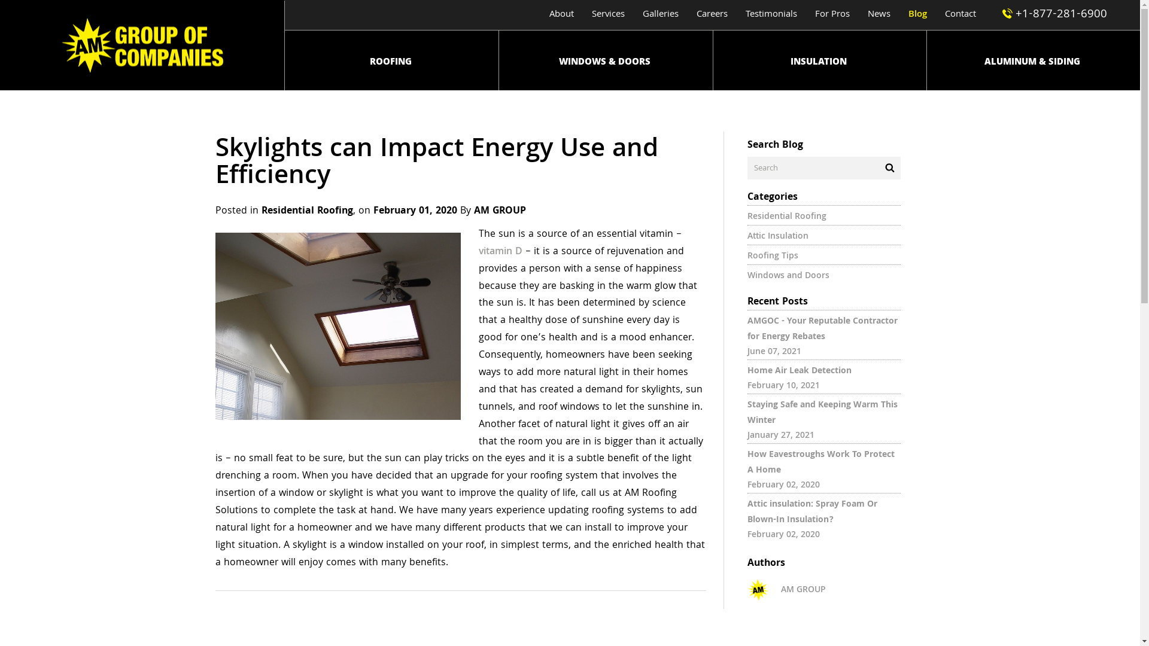  Describe the element at coordinates (604, 60) in the screenshot. I see `'WINDOWS & DOORS'` at that location.